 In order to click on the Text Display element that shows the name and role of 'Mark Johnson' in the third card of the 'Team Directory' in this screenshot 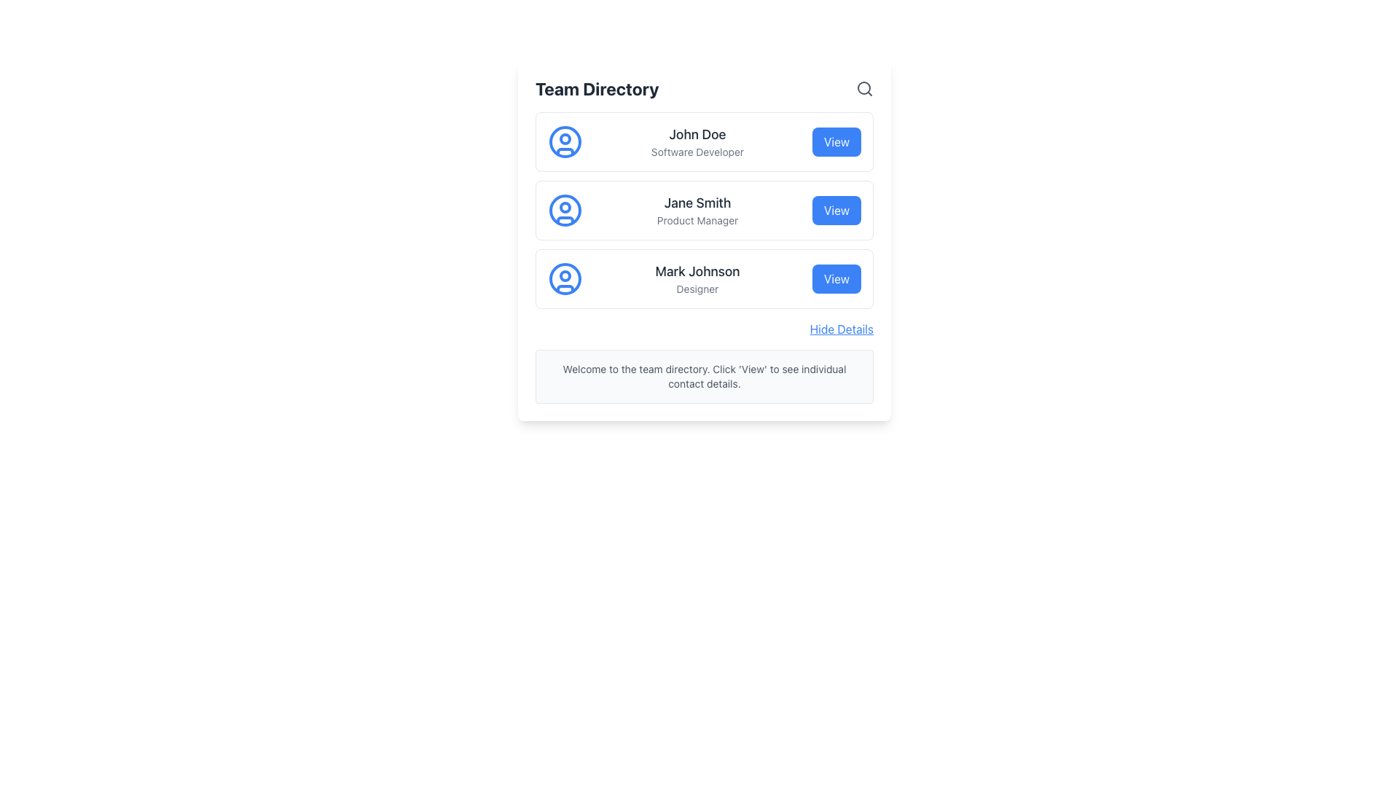, I will do `click(697, 278)`.